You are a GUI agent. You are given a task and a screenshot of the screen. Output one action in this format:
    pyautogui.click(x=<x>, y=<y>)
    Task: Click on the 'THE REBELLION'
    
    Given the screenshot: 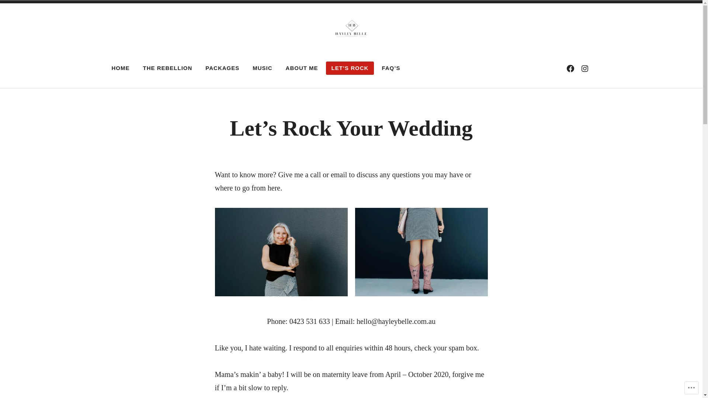 What is the action you would take?
    pyautogui.click(x=137, y=68)
    